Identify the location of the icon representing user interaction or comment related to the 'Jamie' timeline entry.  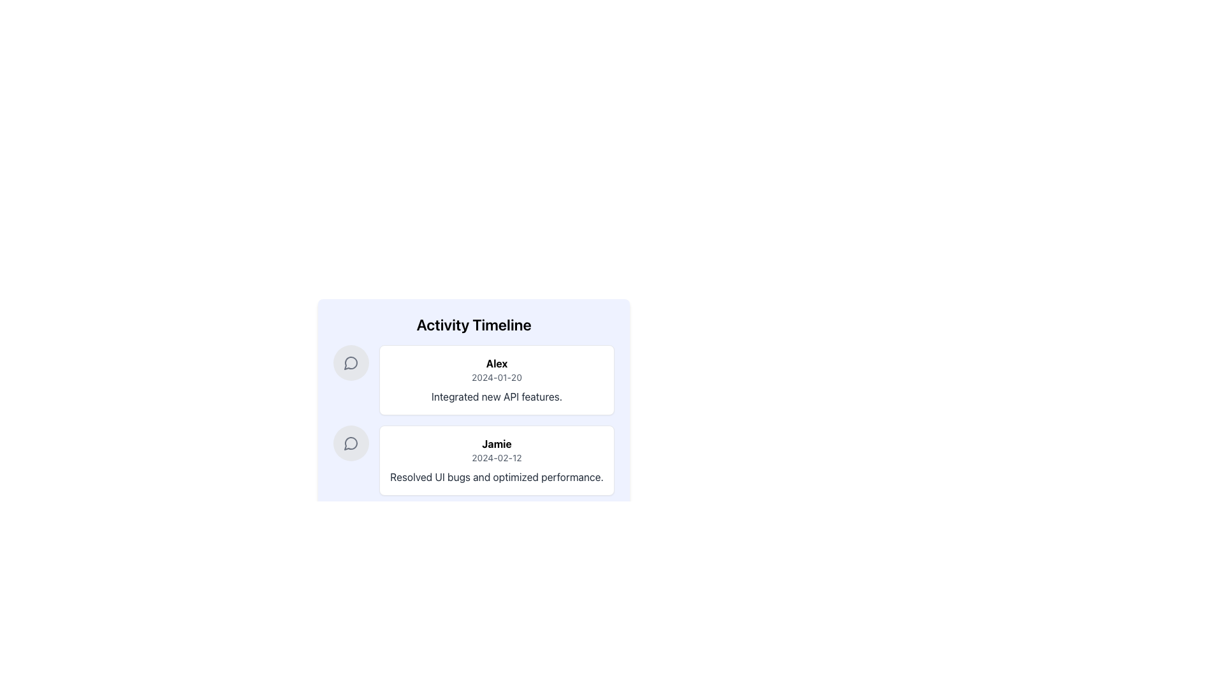
(351, 442).